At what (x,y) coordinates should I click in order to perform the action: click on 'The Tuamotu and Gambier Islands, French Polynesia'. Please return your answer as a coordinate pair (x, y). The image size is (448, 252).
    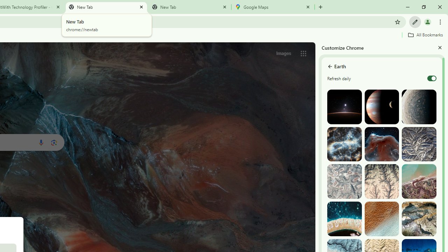
    Looking at the image, I should click on (344, 218).